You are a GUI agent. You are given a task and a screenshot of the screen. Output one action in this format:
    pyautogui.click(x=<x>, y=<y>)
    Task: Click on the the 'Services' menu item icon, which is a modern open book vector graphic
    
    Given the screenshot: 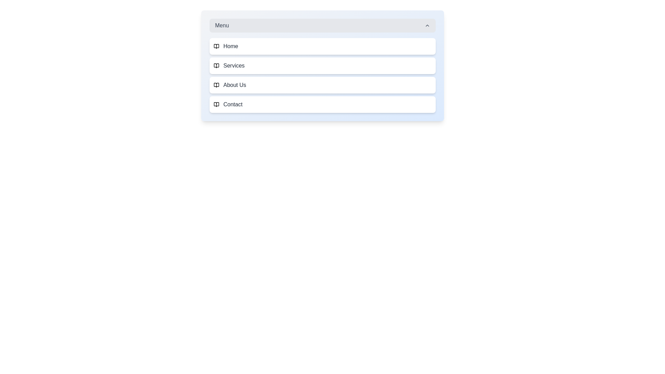 What is the action you would take?
    pyautogui.click(x=216, y=65)
    